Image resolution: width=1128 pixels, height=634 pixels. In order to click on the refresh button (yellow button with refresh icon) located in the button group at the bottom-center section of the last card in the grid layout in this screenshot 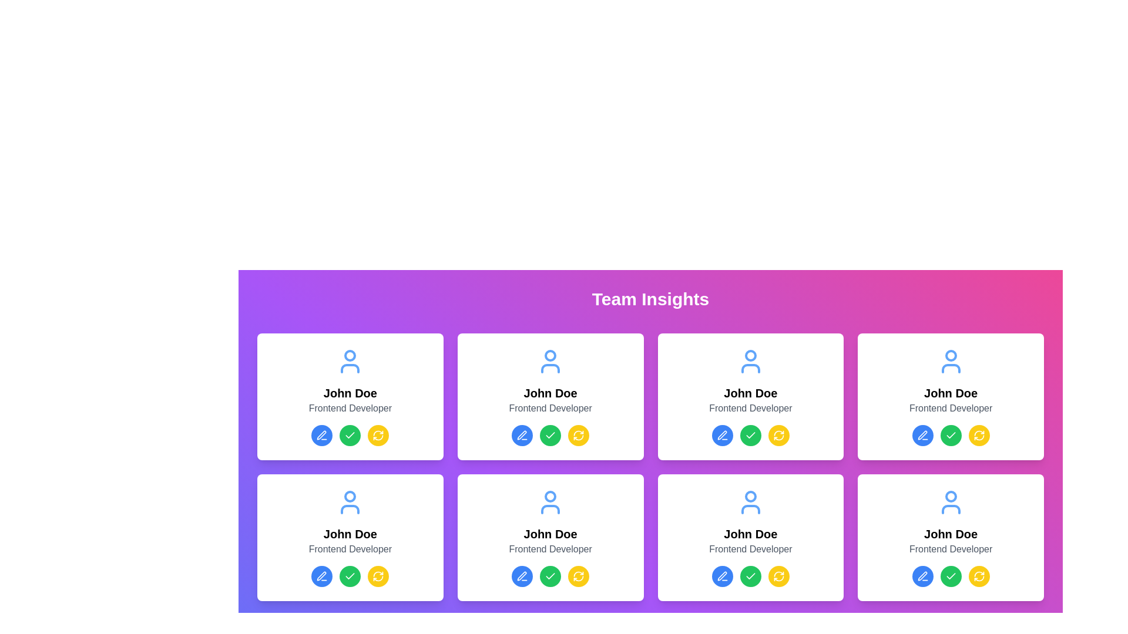, I will do `click(350, 576)`.